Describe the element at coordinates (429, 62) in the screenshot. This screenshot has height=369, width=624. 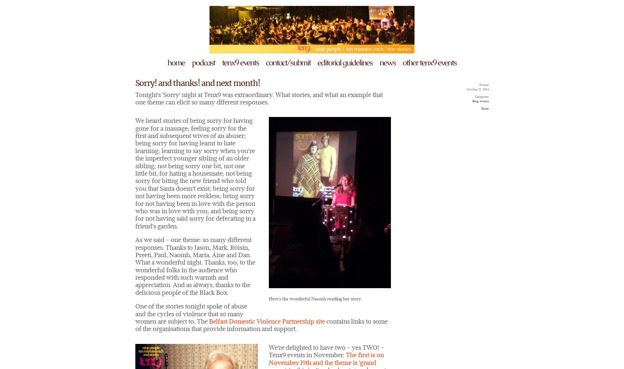
I see `'Other Tenx9 events'` at that location.